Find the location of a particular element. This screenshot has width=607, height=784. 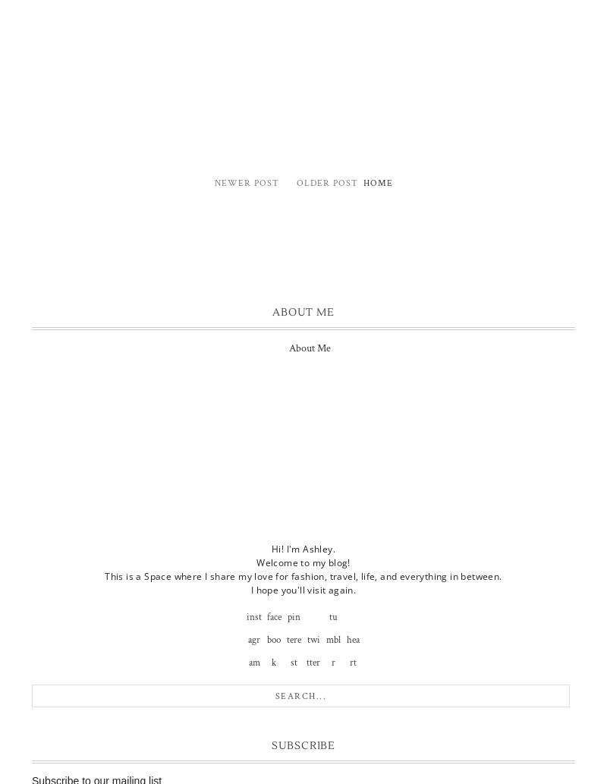

'tumblr' is located at coordinates (332, 639).